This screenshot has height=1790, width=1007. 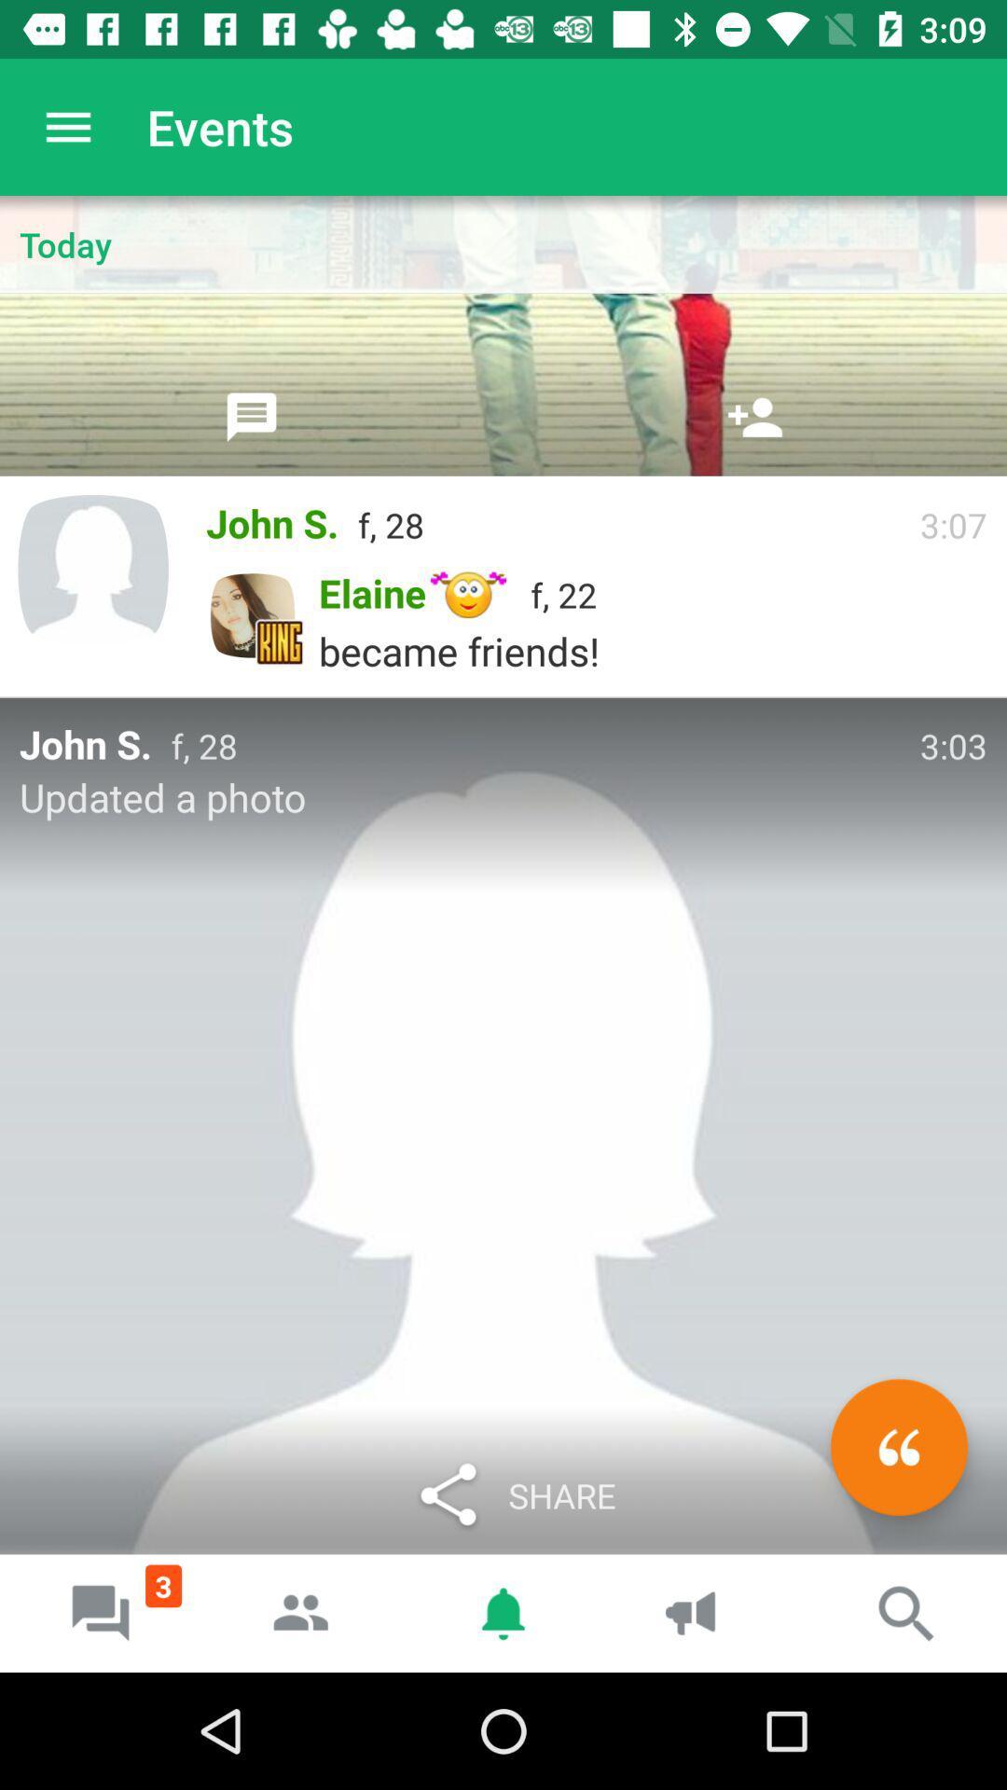 What do you see at coordinates (252, 416) in the screenshot?
I see `send message` at bounding box center [252, 416].